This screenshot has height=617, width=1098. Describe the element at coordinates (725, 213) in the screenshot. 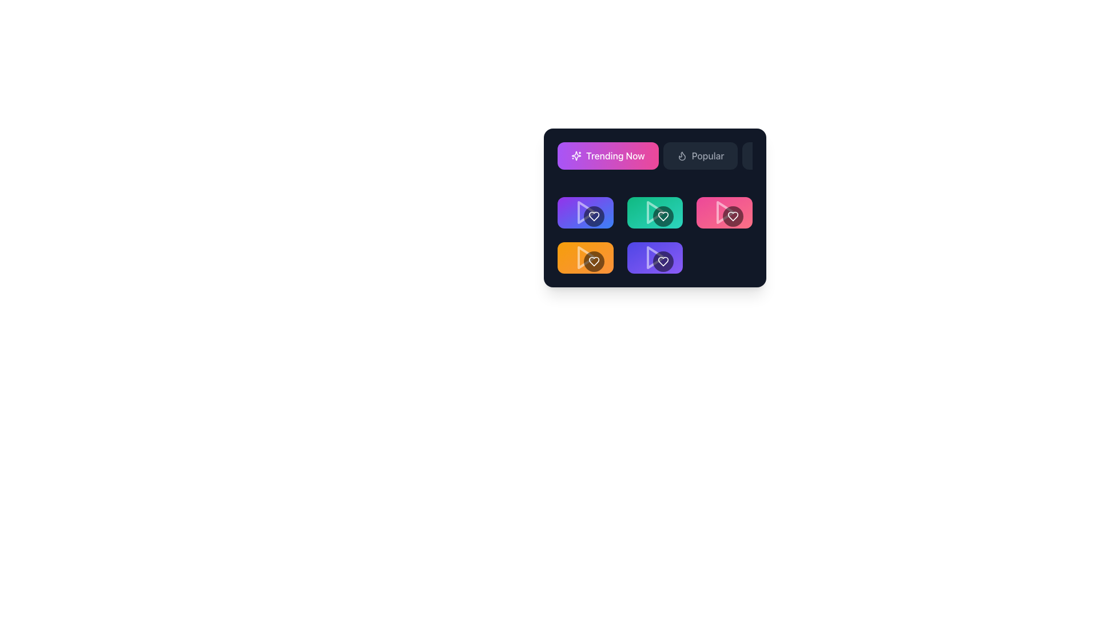

I see `the play button icon, which is a triangular shape with a white outline on a vibrant pink background, located in the top-right card of a grid of six colorful cards` at that location.